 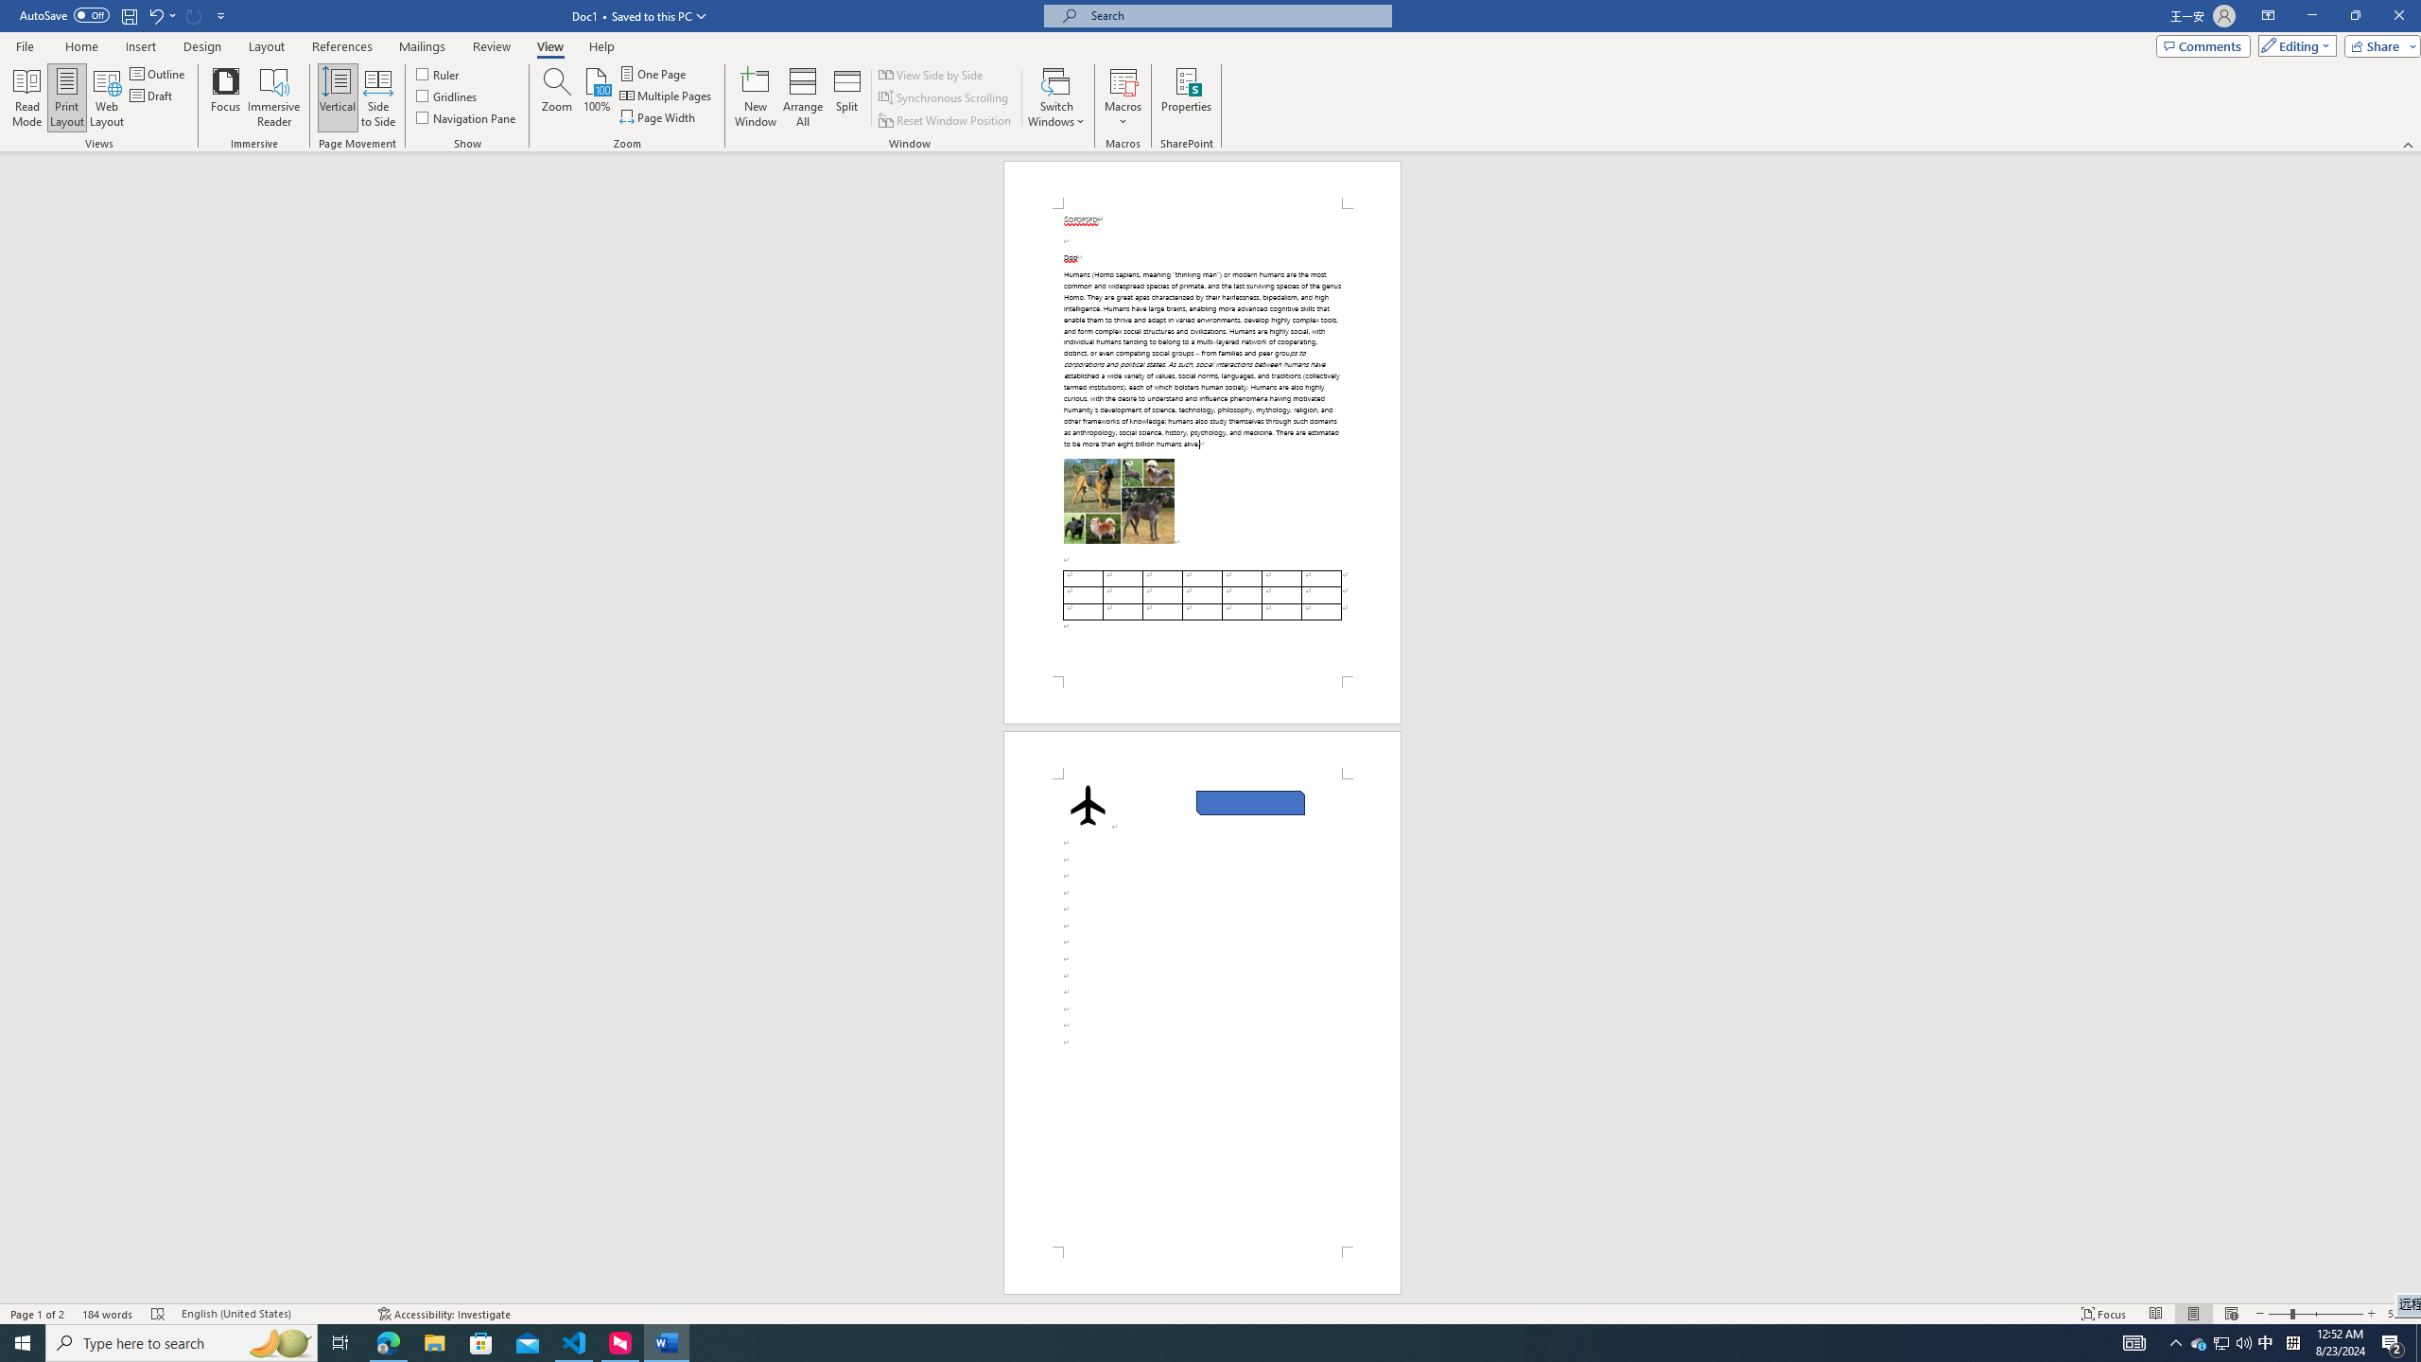 I want to click on 'Outline', so click(x=158, y=73).